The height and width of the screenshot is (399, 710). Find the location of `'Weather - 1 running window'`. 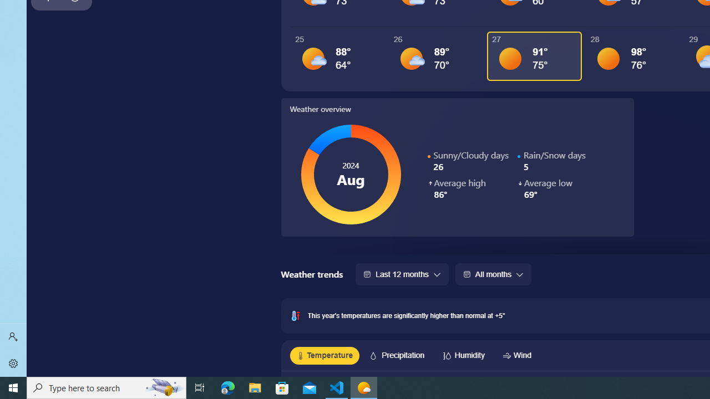

'Weather - 1 running window' is located at coordinates (364, 387).